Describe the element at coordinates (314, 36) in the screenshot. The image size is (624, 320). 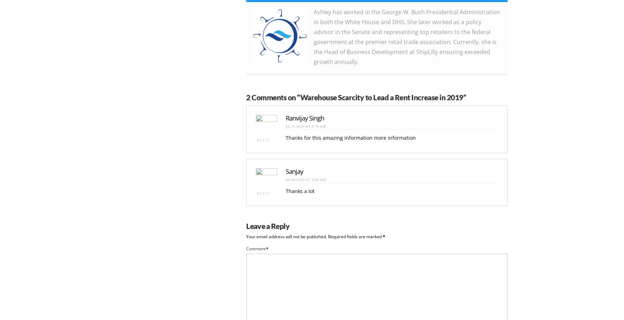
I see `'Ashley has worked in the George W. Bush Presidential Administration in both the White House and DHS. She later worked as a policy advisor in the Senate and representing top retailers to the federal government at the premier retail trade association. Currently, she is the Head of Business Development at ShipLilly ensuring exceeded growth annually.'` at that location.